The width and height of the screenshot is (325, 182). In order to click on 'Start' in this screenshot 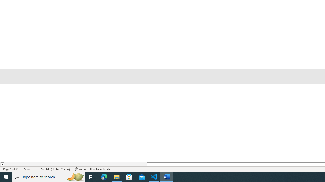, I will do `click(6, 176)`.